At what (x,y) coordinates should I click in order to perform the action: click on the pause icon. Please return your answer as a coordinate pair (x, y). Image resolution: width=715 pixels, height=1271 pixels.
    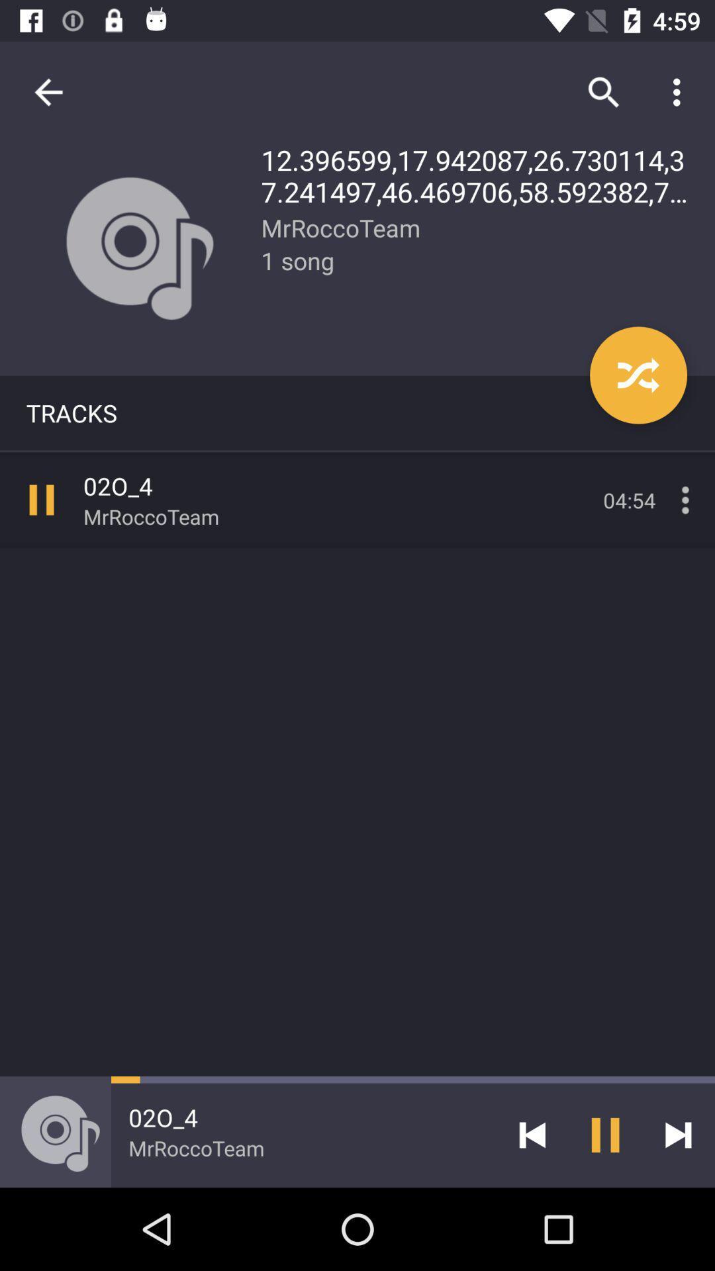
    Looking at the image, I should click on (605, 1134).